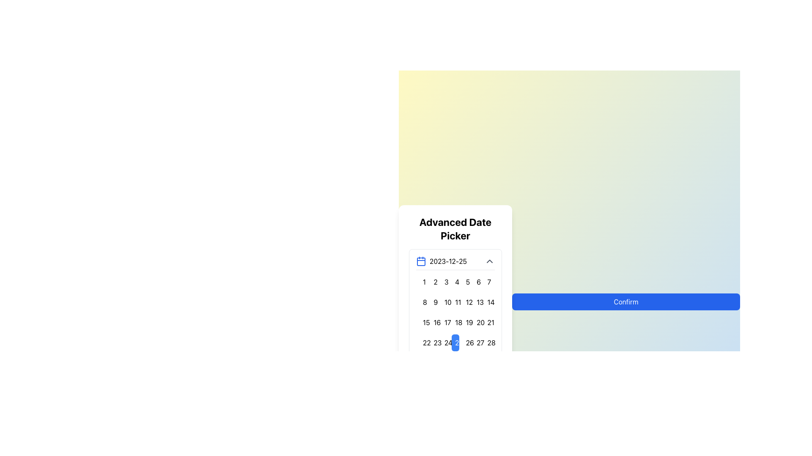 The image size is (812, 456). Describe the element at coordinates (466, 322) in the screenshot. I see `the button displaying the date '19' in the calendar interface` at that location.